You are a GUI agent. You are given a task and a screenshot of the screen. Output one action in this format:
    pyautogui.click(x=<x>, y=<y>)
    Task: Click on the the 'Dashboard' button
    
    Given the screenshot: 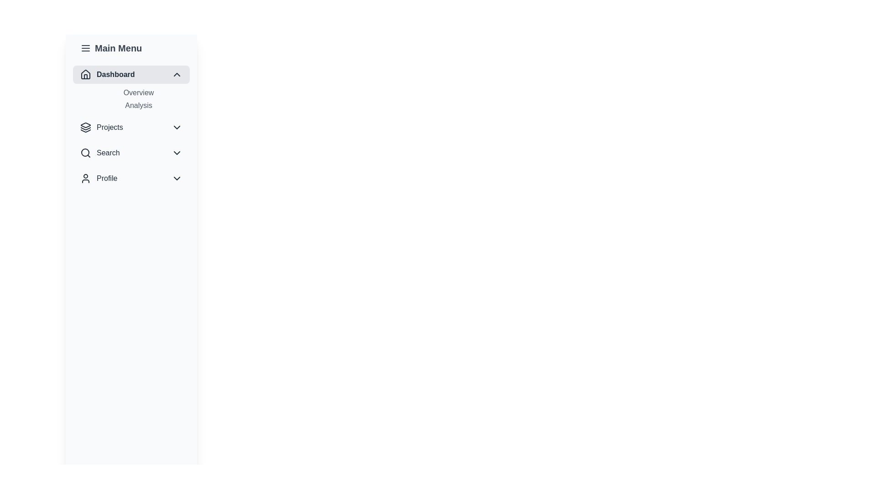 What is the action you would take?
    pyautogui.click(x=131, y=74)
    